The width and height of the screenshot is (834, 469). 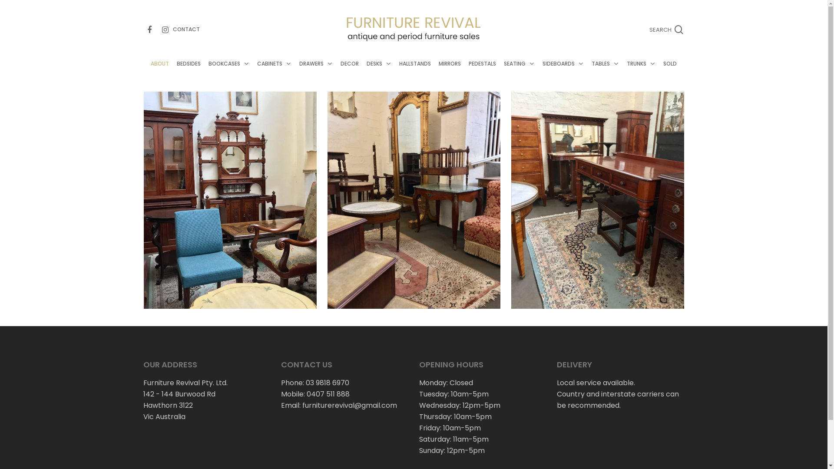 I want to click on 'BOOKCASES', so click(x=229, y=72).